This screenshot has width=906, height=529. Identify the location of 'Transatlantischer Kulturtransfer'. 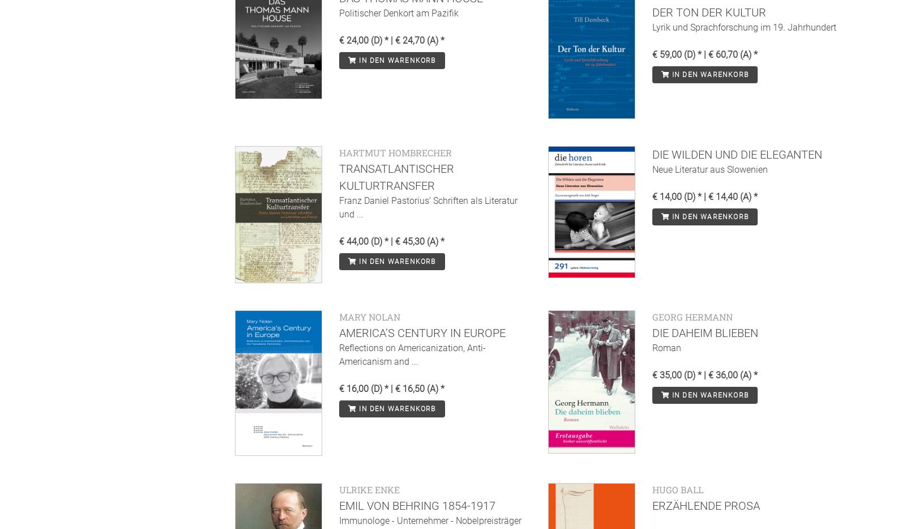
(396, 176).